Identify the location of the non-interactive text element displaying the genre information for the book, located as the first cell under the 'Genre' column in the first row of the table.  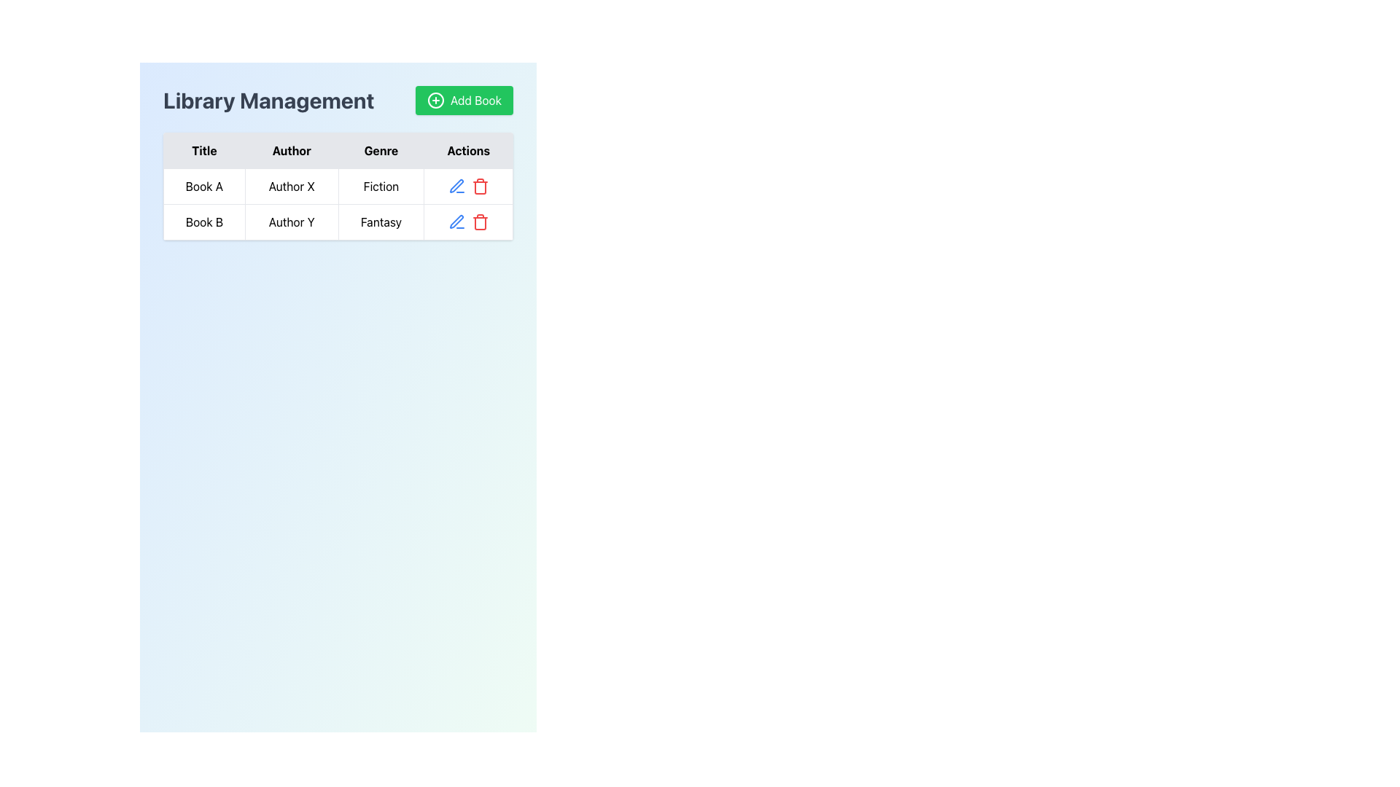
(381, 185).